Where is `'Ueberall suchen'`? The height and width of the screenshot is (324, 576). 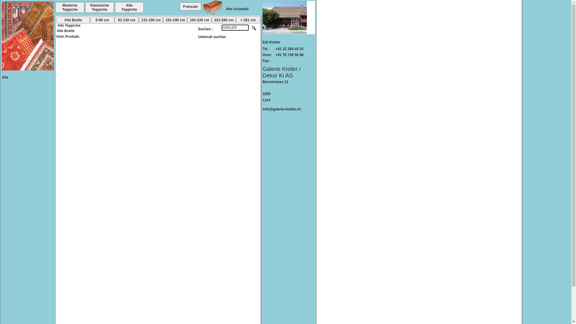
'Ueberall suchen' is located at coordinates (198, 37).